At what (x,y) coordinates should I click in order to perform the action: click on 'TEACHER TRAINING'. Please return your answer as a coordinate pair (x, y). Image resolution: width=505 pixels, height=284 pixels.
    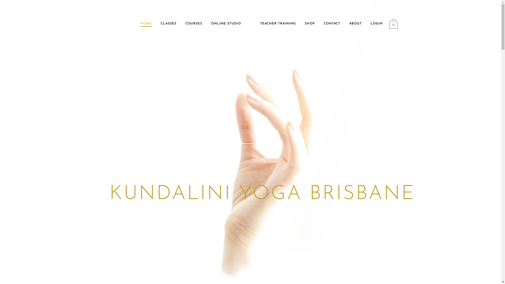
    Looking at the image, I should click on (277, 23).